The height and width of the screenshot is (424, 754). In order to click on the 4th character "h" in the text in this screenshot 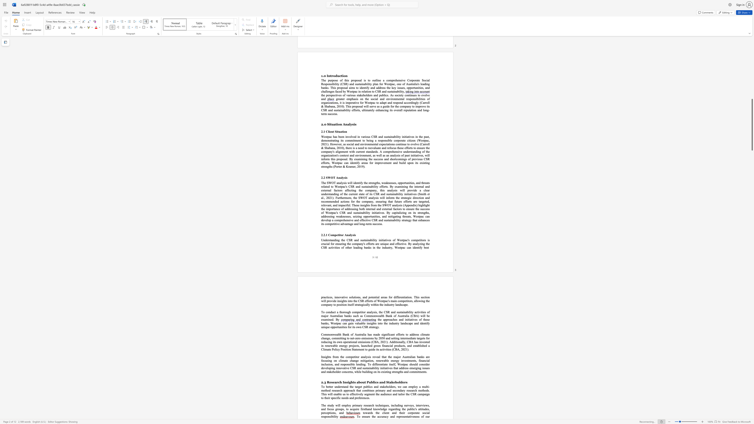, I will do `click(427, 301)`.